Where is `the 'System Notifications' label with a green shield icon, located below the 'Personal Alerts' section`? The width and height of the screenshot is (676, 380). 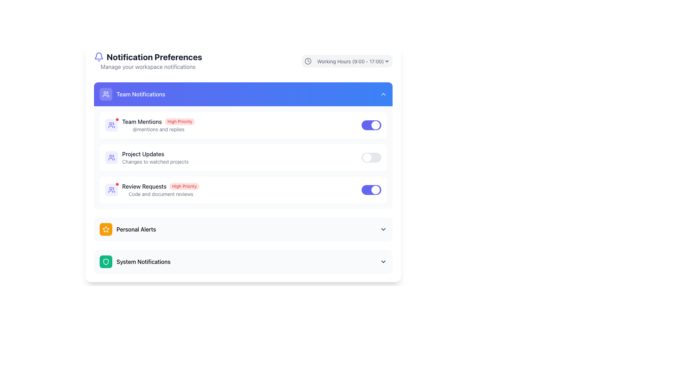 the 'System Notifications' label with a green shield icon, located below the 'Personal Alerts' section is located at coordinates (135, 262).